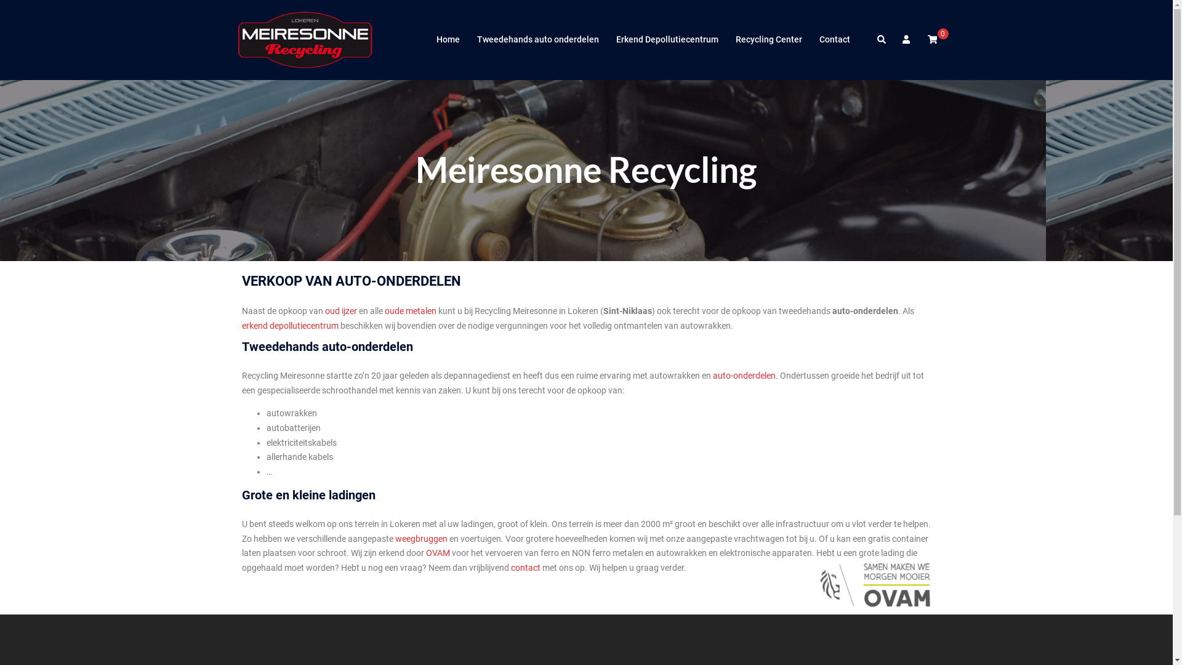  I want to click on 'weegbruggen', so click(421, 538).